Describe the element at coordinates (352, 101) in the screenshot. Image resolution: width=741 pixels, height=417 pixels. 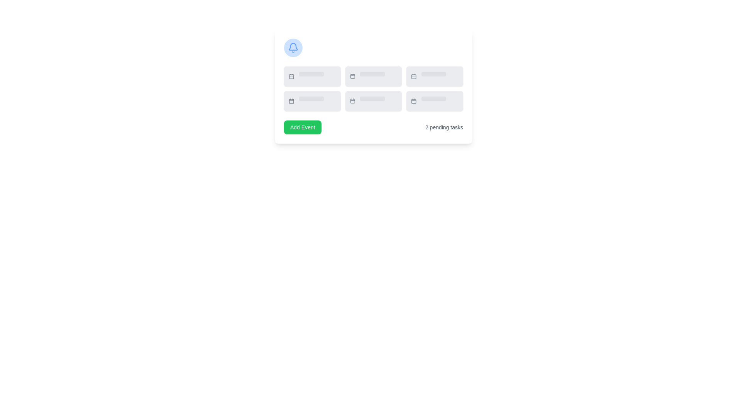
I see `the rectangle with softly rounded corners that is part of the calendar icon in the second row of the calendar grid` at that location.